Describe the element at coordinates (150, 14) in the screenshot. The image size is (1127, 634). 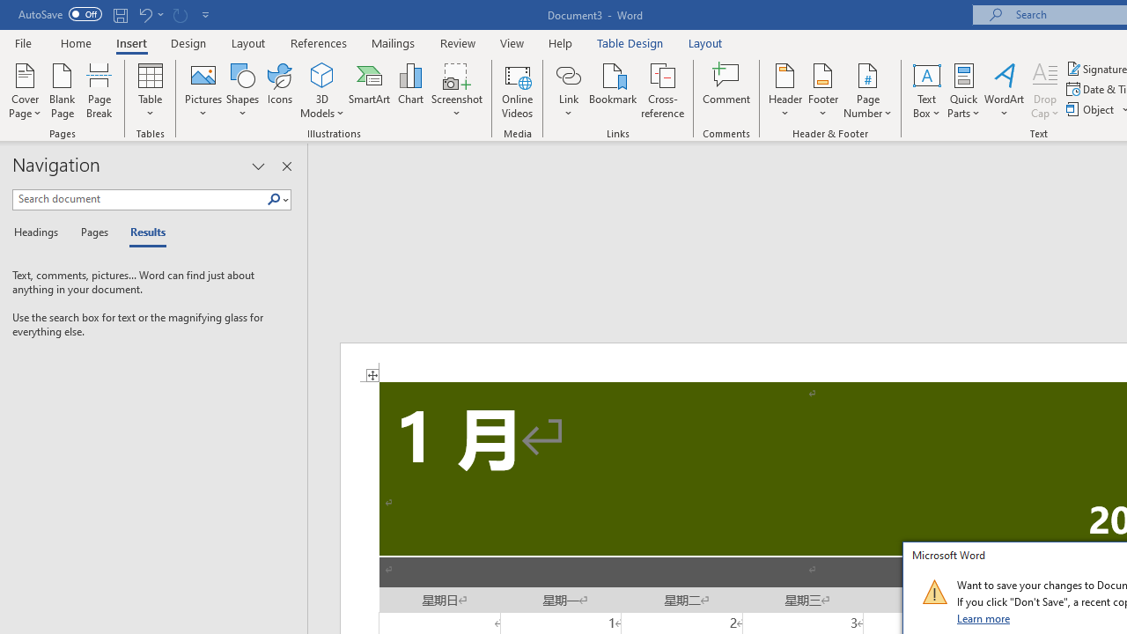
I see `'Undo Apply Quick Style'` at that location.